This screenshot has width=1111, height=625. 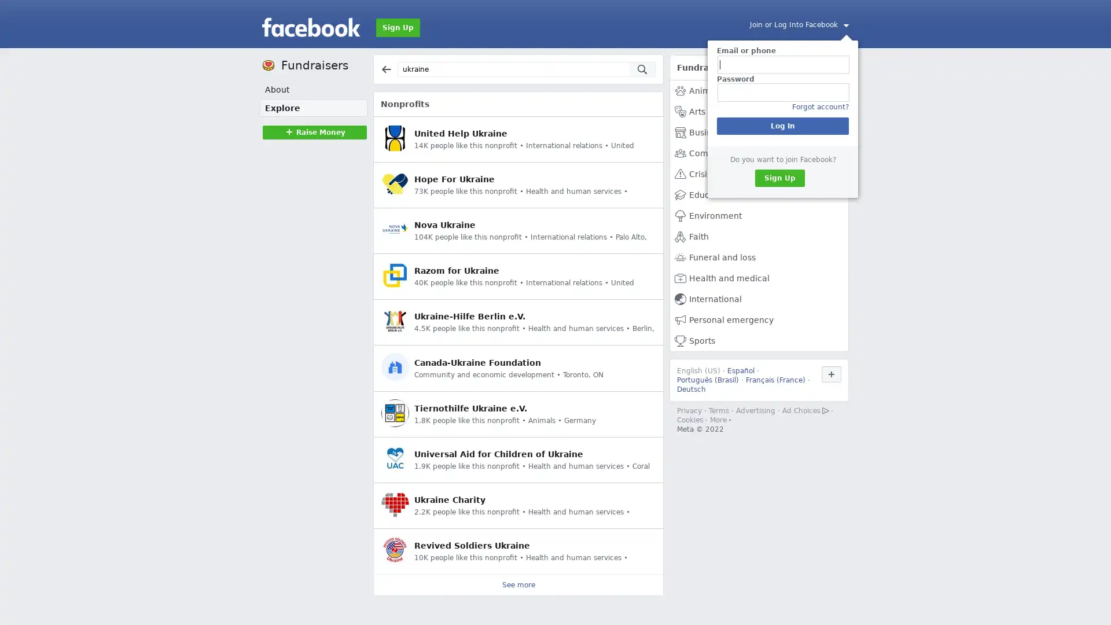 I want to click on Use Facebook in another language., so click(x=830, y=374).